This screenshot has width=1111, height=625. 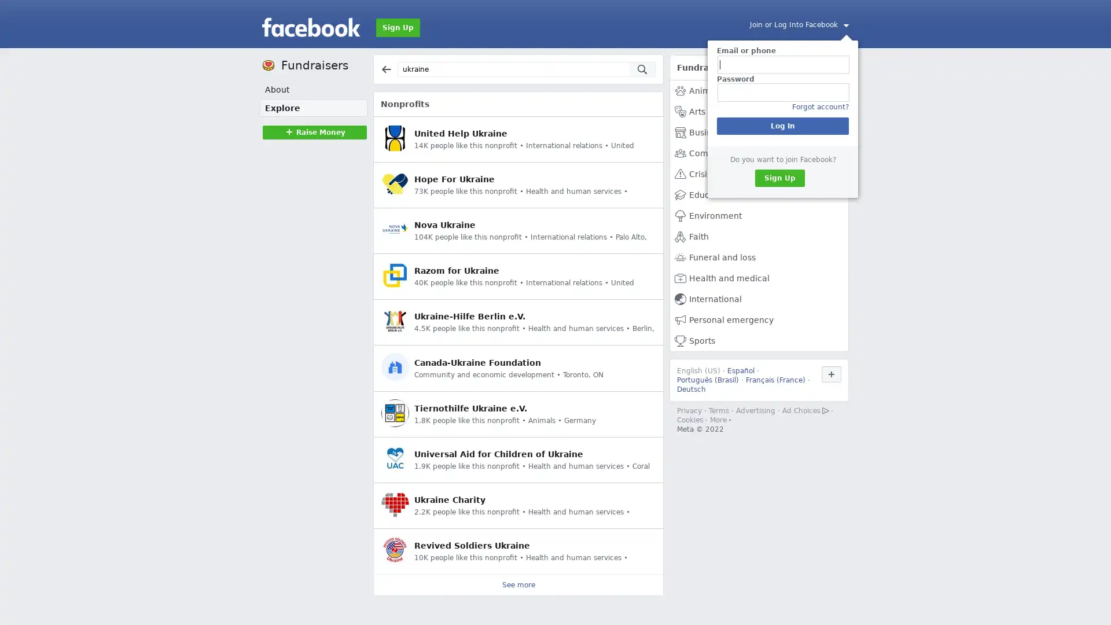 I want to click on Use Facebook in another language., so click(x=830, y=374).